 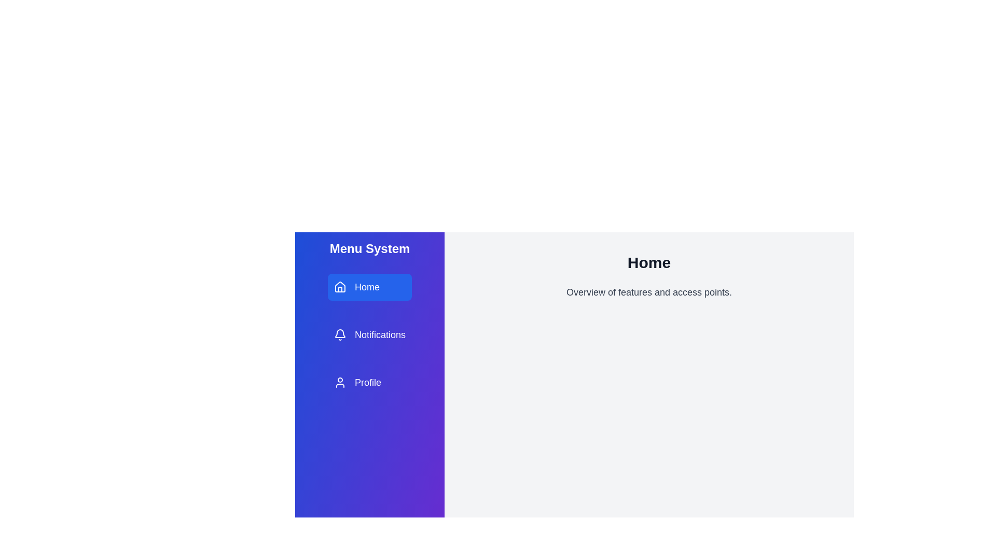 What do you see at coordinates (369, 334) in the screenshot?
I see `the menu item Notifications from the available options` at bounding box center [369, 334].